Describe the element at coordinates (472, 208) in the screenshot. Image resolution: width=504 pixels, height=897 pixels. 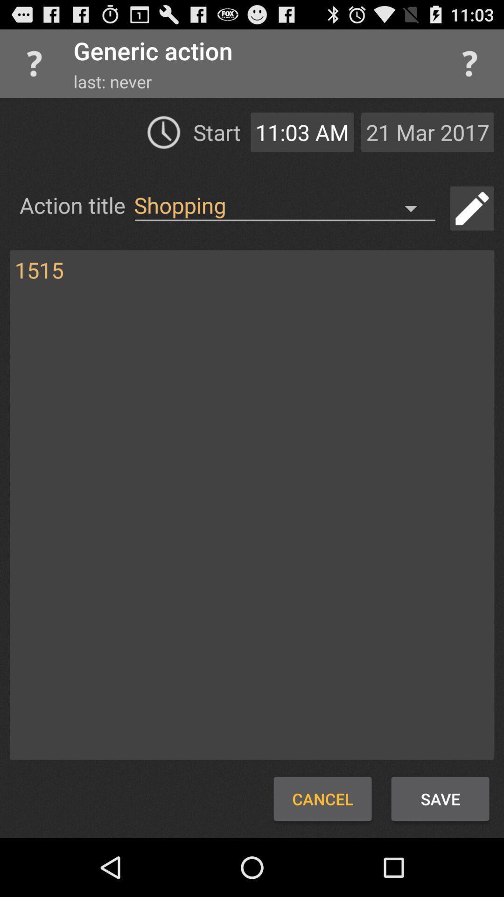
I see `ability to type` at that location.